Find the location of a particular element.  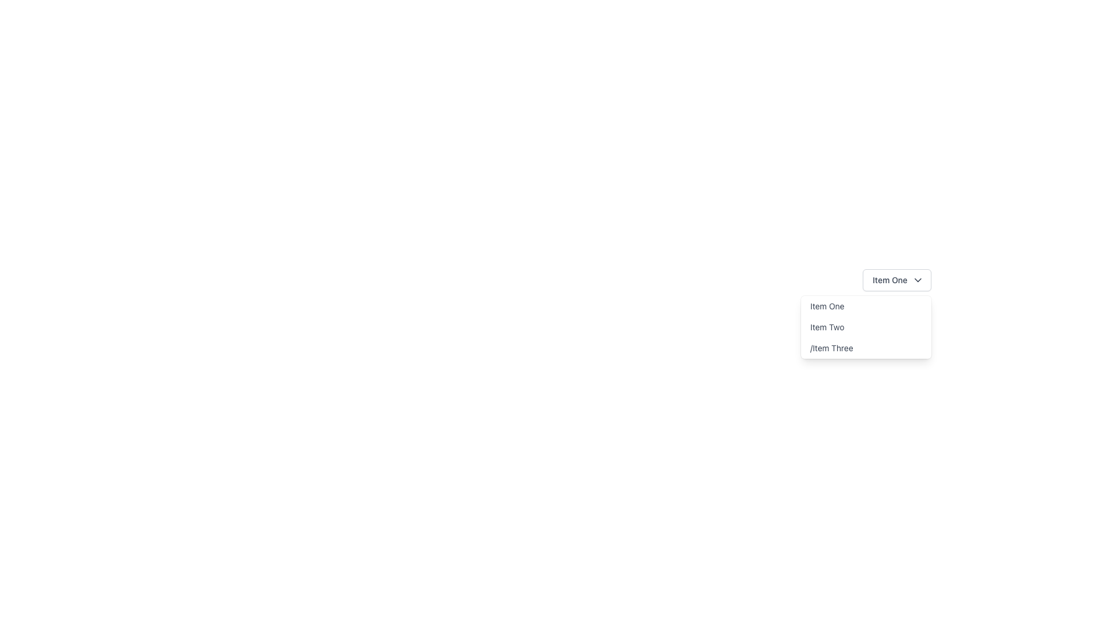

the second item is located at coordinates (866, 327).